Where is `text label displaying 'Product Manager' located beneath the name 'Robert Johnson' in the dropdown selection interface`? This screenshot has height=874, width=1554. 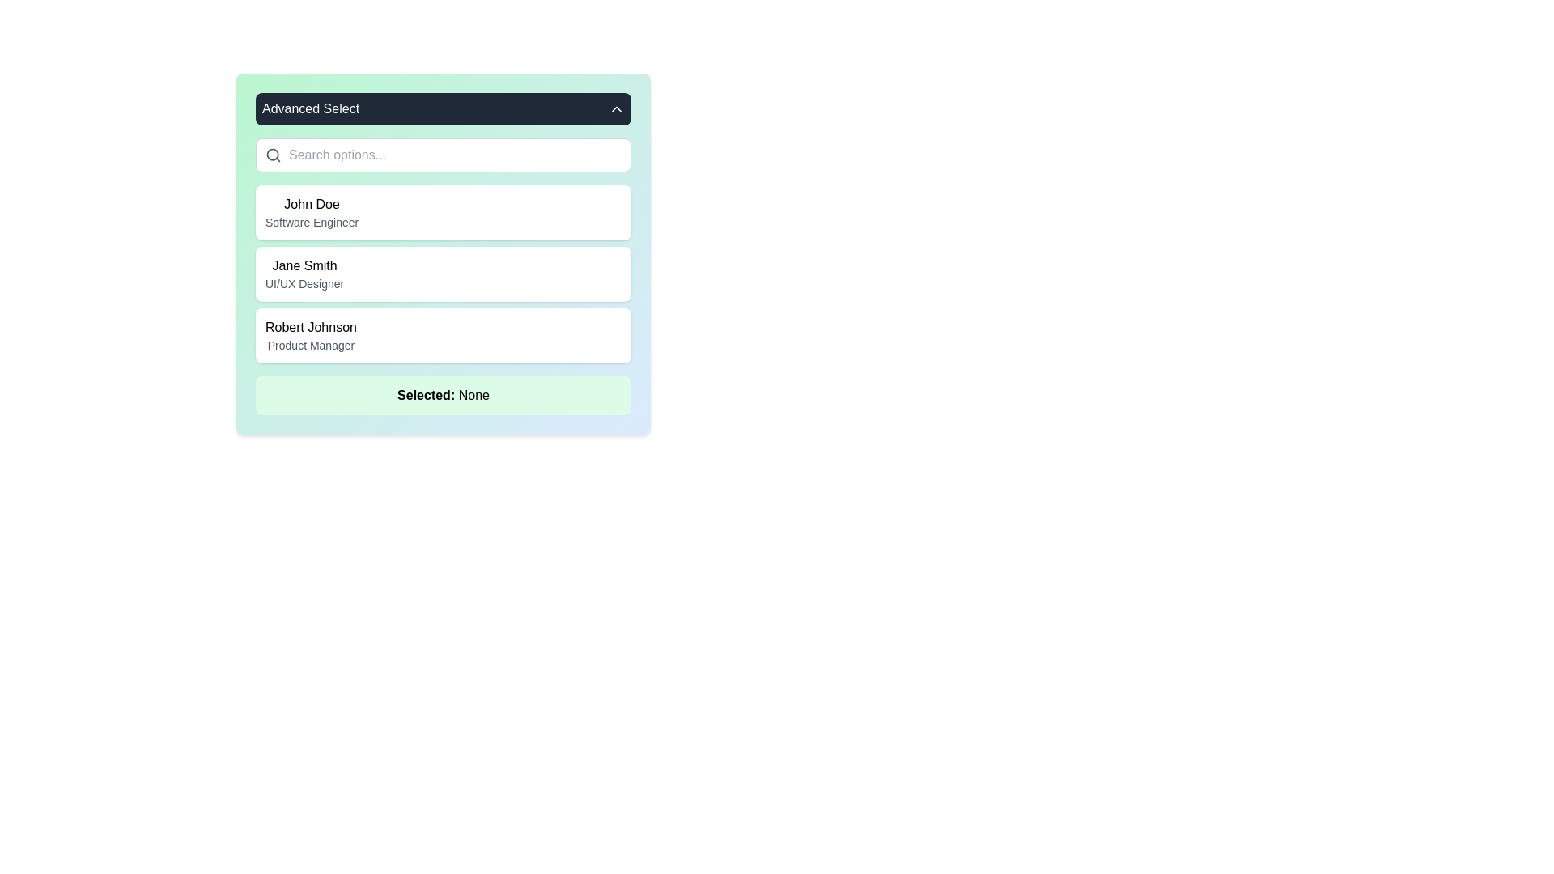 text label displaying 'Product Manager' located beneath the name 'Robert Johnson' in the dropdown selection interface is located at coordinates (311, 345).